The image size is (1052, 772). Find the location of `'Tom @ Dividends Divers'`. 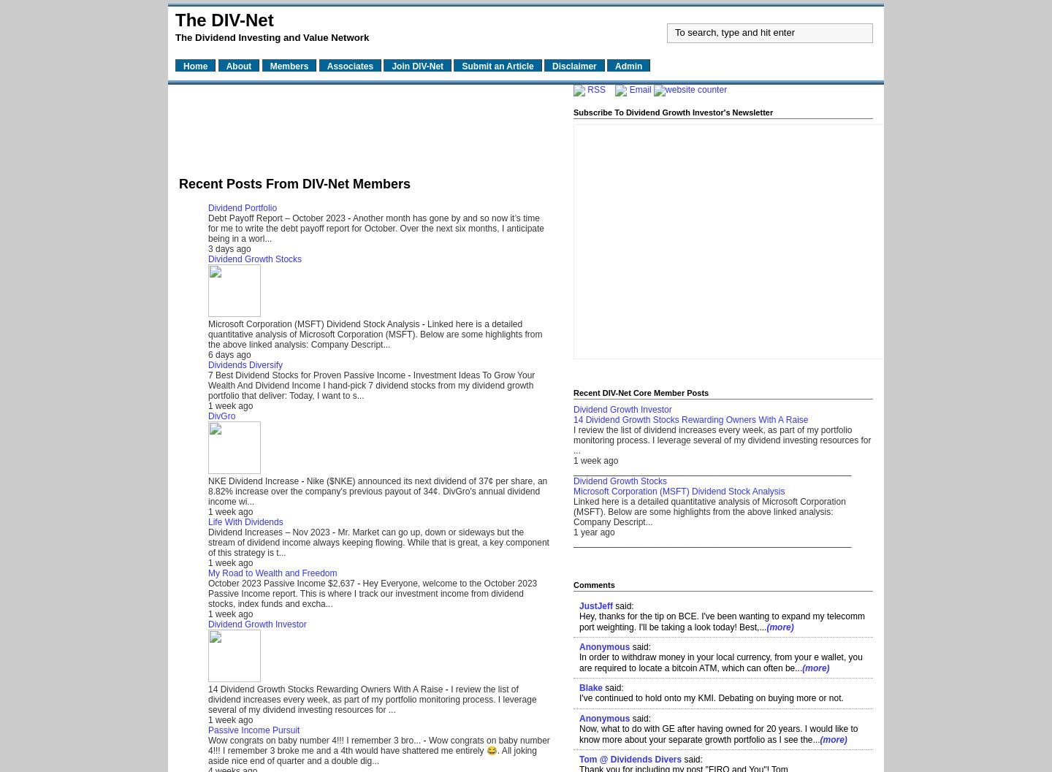

'Tom @ Dividends Divers' is located at coordinates (629, 758).